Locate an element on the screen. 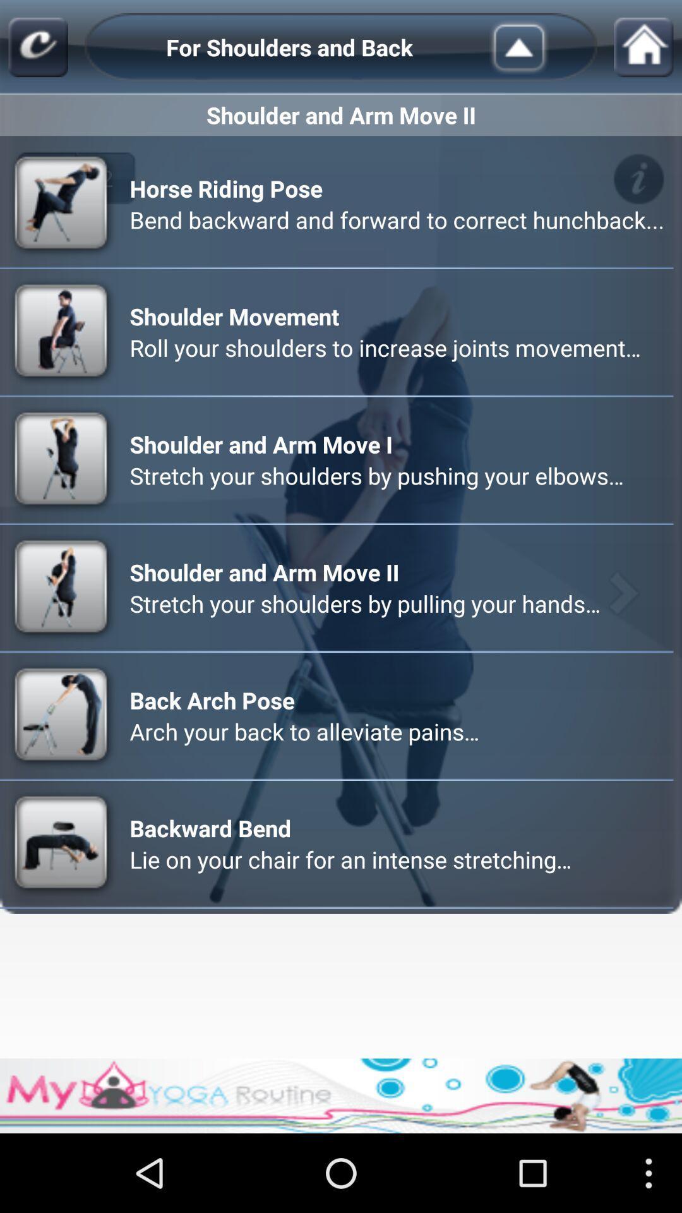  a second icon which is before shoulder movement on a page is located at coordinates (63, 332).